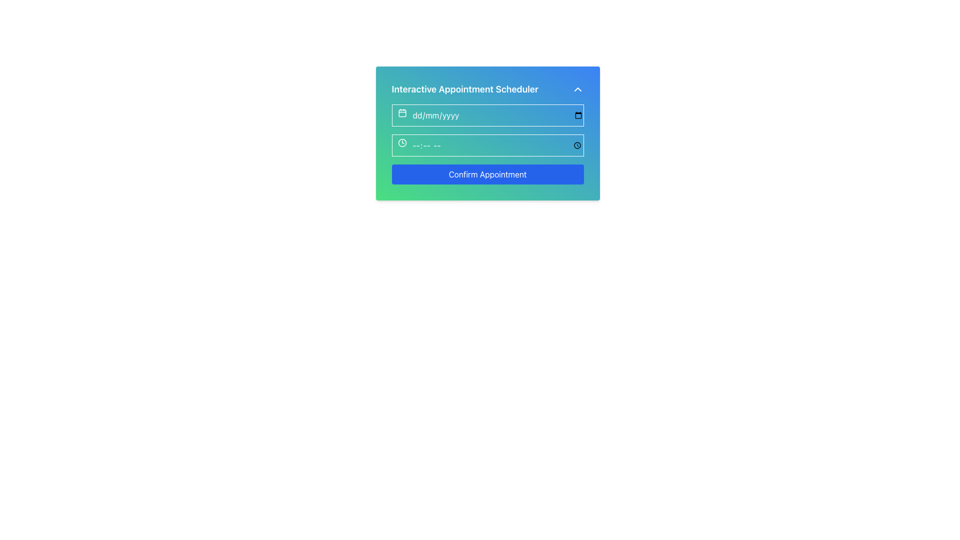 Image resolution: width=960 pixels, height=540 pixels. Describe the element at coordinates (402, 142) in the screenshot. I see `the circular graphical element that forms the clock frame within the SVG icon located to the left of the time selector input field in the Interactive Appointment Scheduler interface` at that location.